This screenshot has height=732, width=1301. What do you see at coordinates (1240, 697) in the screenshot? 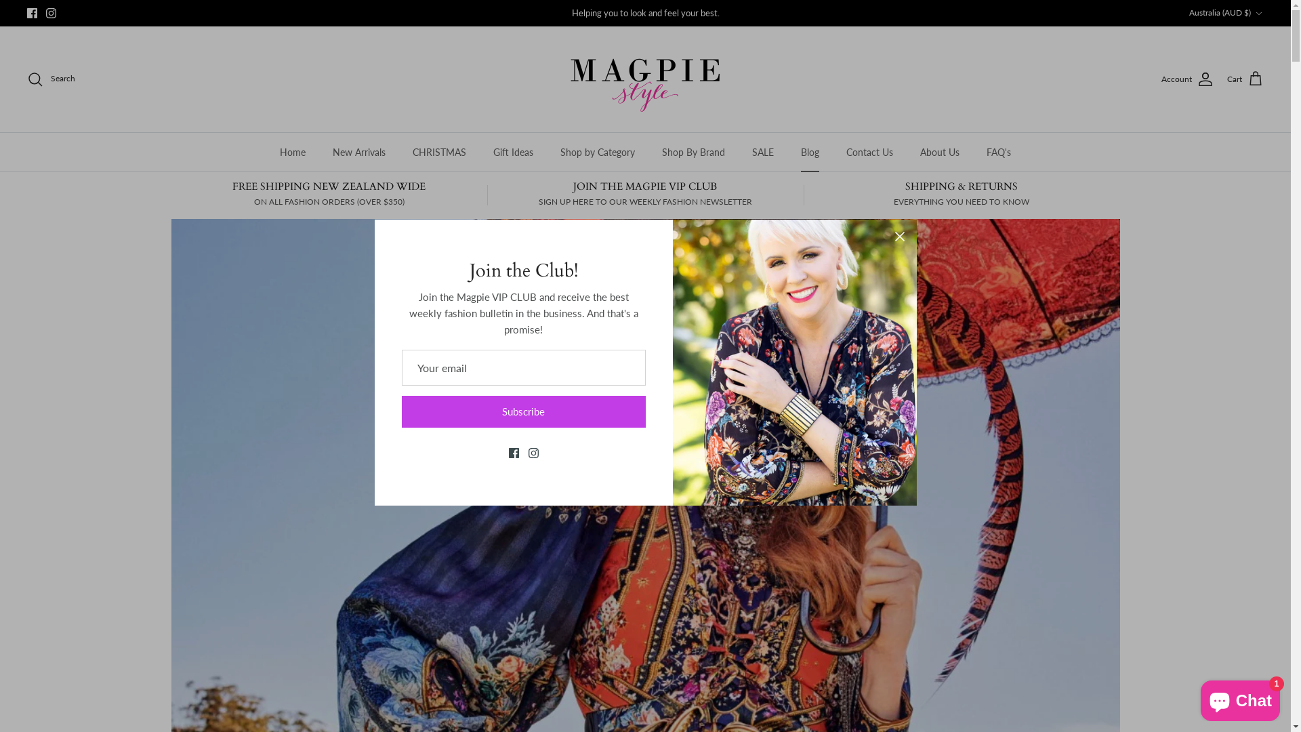
I see `'Shopify online store chat'` at bounding box center [1240, 697].